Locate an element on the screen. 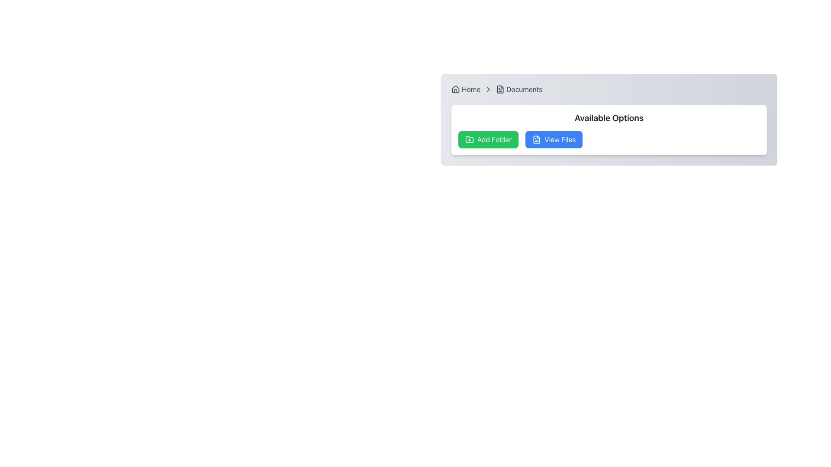 This screenshot has height=467, width=831. the 'Home' breadcrumb navigation item is located at coordinates (470, 90).